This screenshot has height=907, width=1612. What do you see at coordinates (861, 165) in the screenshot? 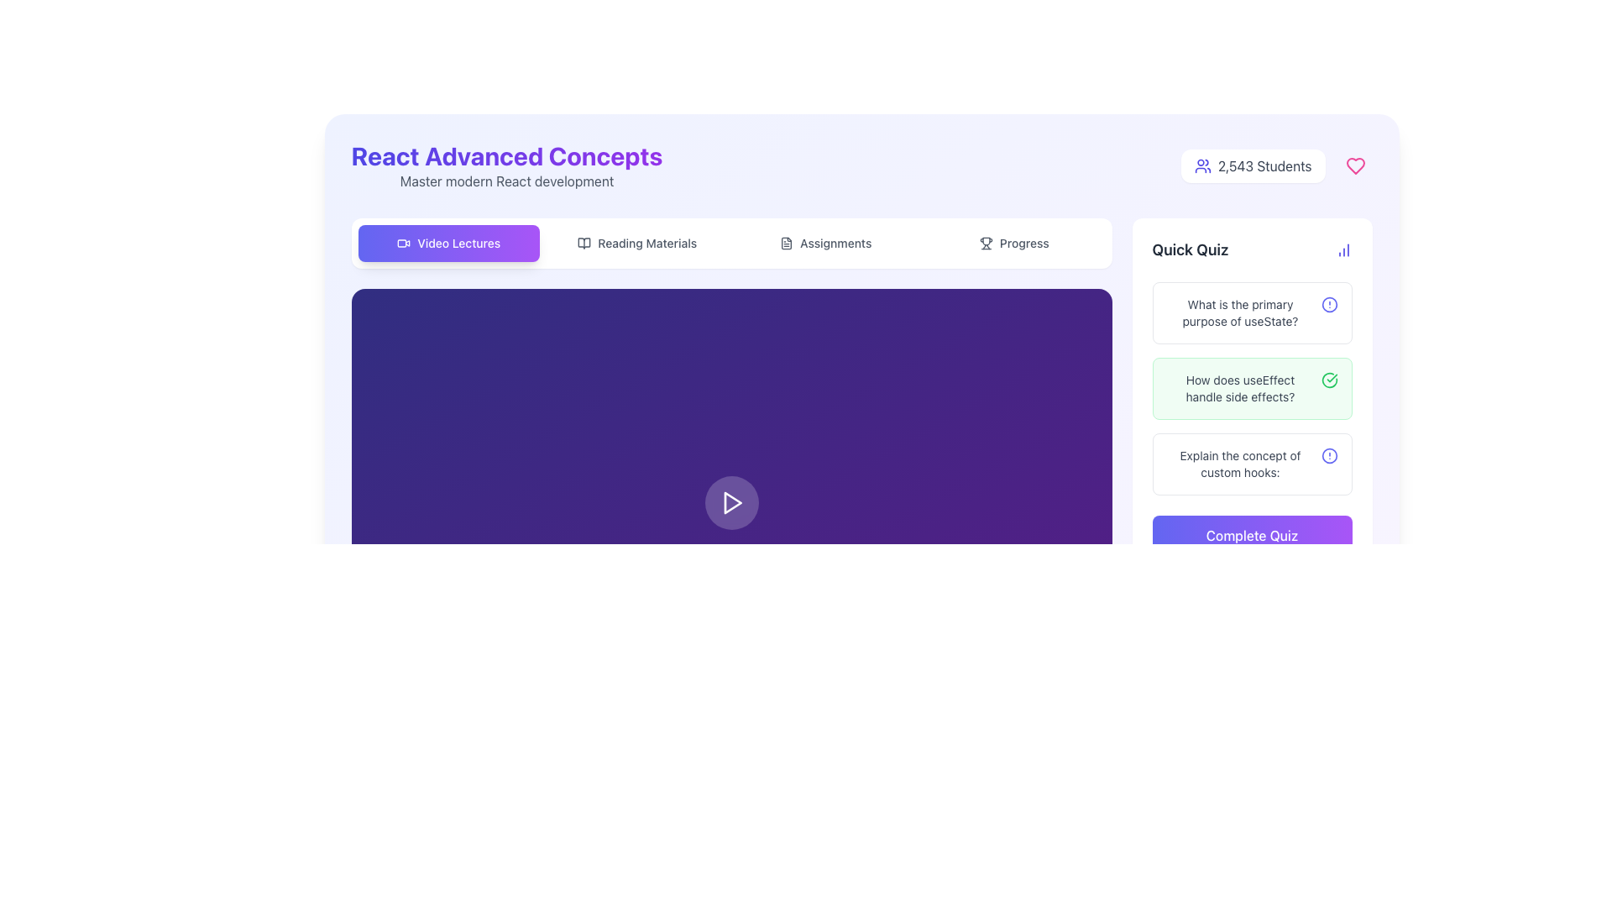
I see `the user-related icon located in the Header section of the React Advanced Concepts informational banner, which is right-aligned with the student count` at bounding box center [861, 165].